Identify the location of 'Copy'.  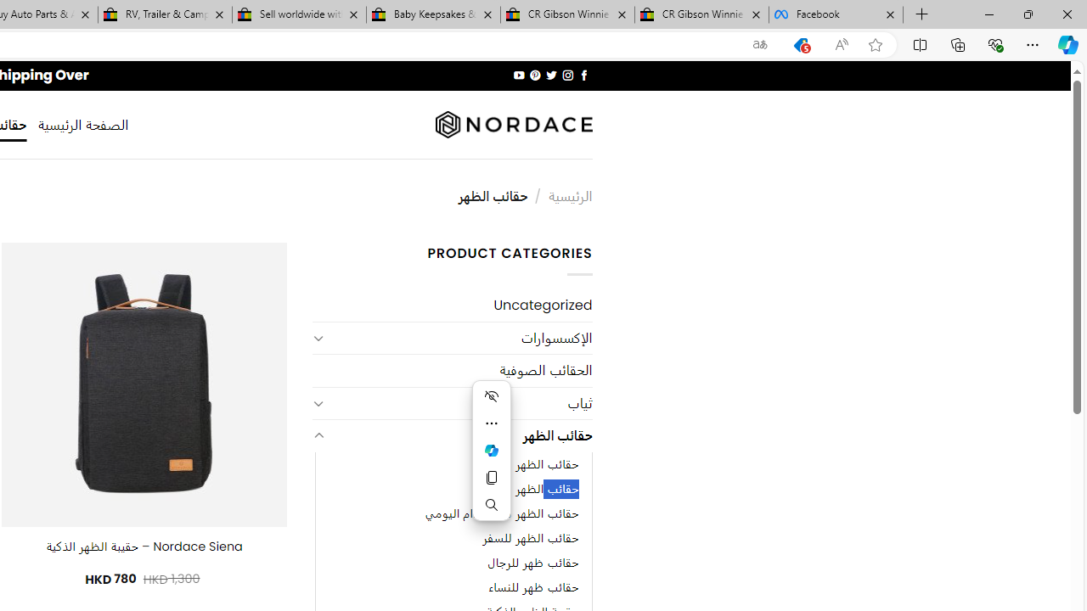
(491, 478).